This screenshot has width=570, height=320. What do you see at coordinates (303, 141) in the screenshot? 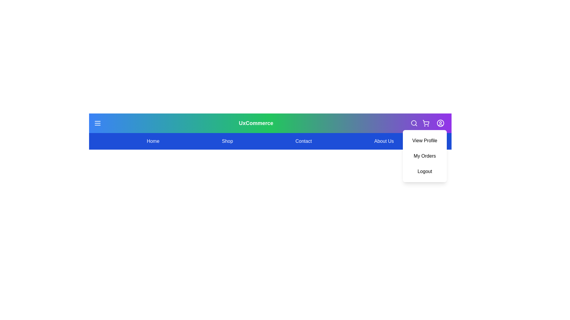
I see `the menu item Contact to navigate to the corresponding section` at bounding box center [303, 141].